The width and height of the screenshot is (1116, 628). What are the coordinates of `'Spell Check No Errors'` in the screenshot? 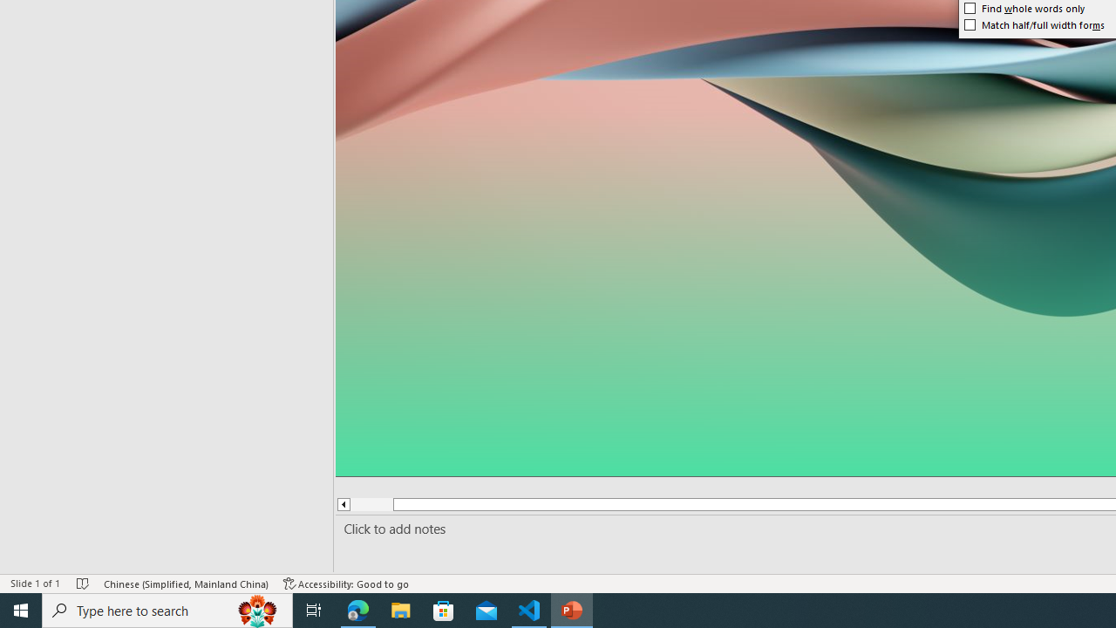 It's located at (83, 584).